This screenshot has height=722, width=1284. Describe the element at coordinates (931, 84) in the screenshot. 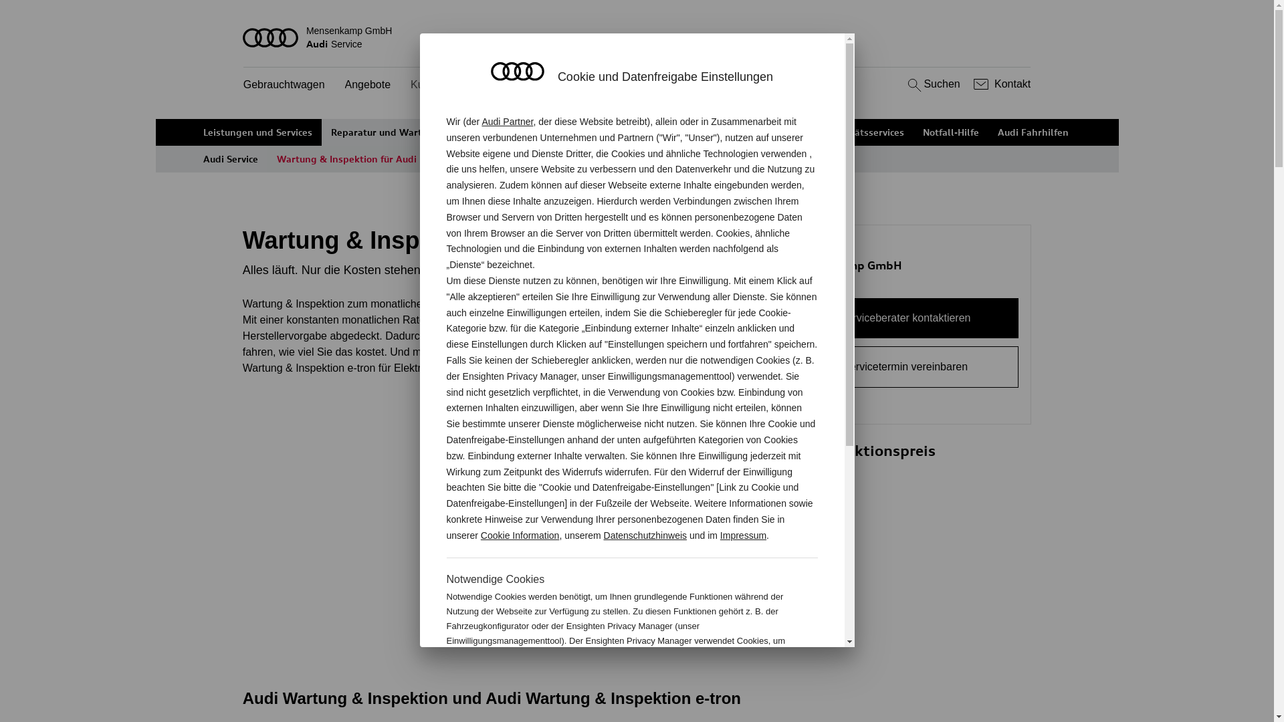

I see `'Suchen'` at that location.